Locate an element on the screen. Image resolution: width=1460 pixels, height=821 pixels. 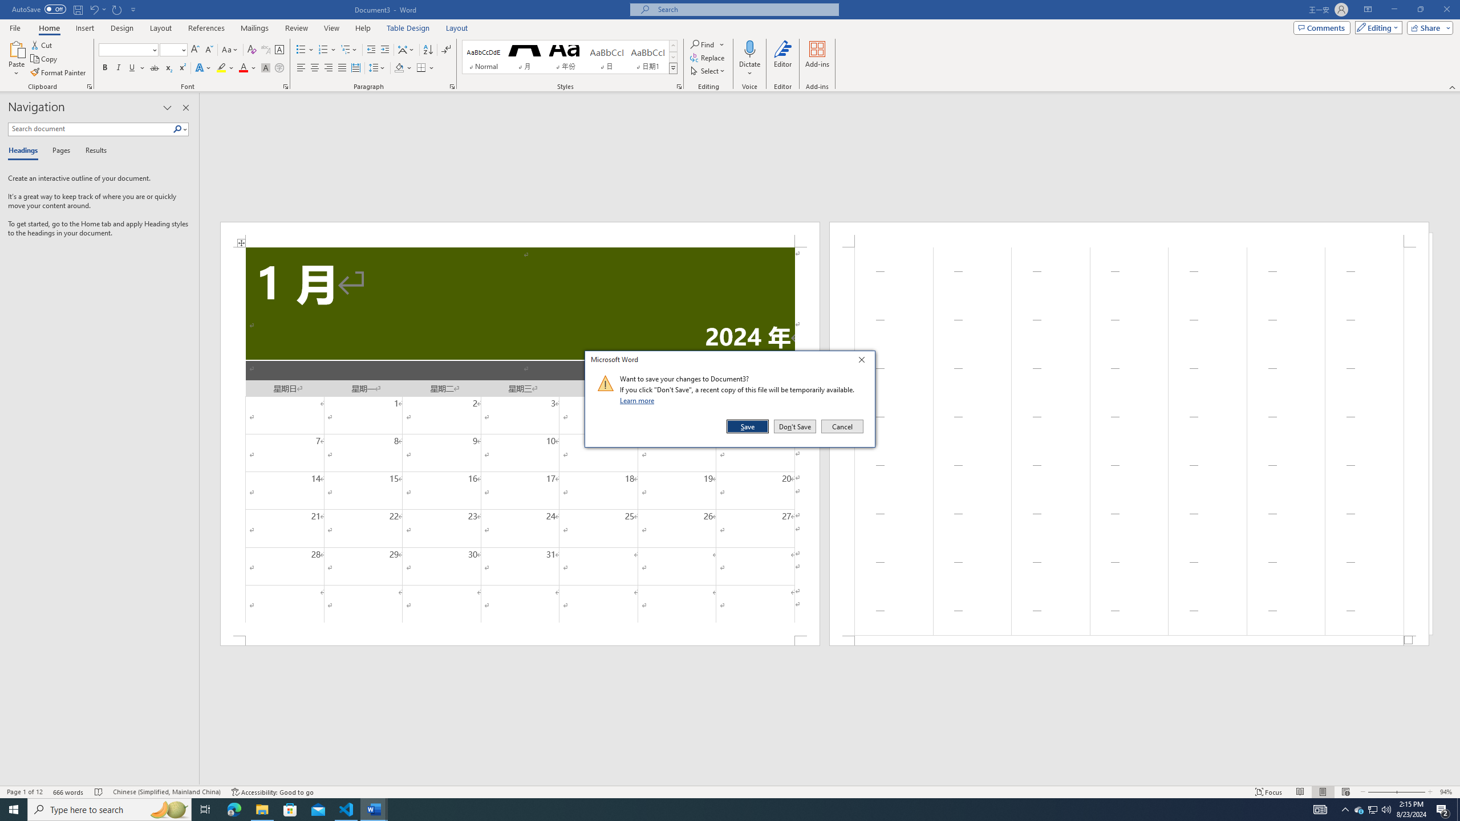
'Shrink Font' is located at coordinates (209, 50).